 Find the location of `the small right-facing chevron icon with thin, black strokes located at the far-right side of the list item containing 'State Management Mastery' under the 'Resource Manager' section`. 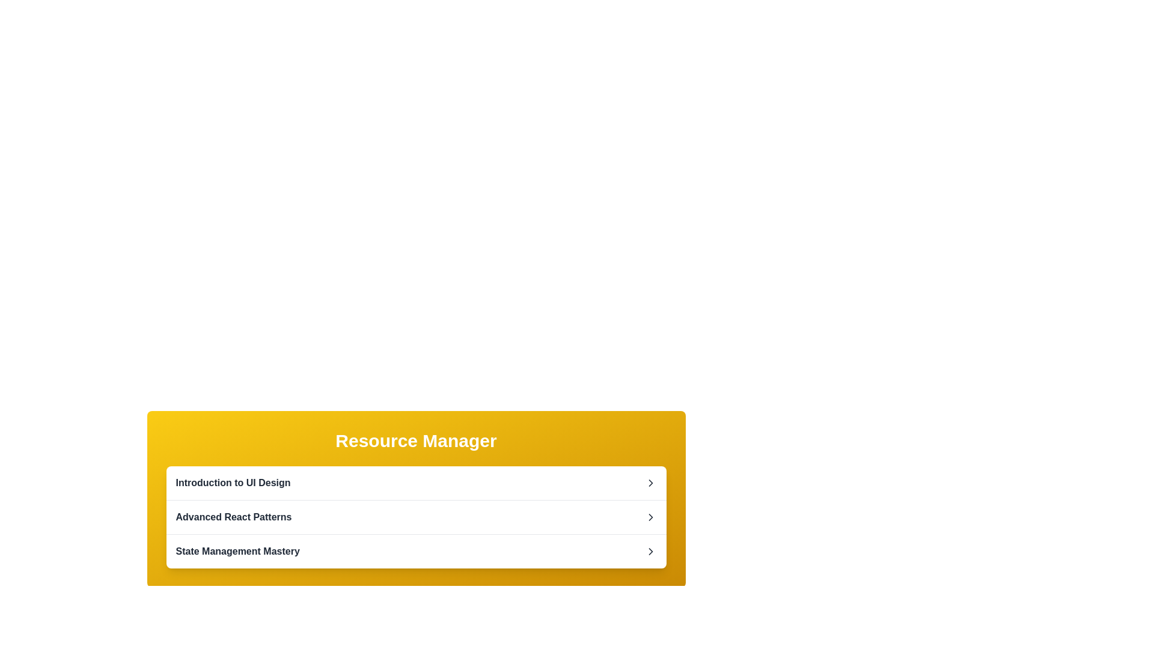

the small right-facing chevron icon with thin, black strokes located at the far-right side of the list item containing 'State Management Mastery' under the 'Resource Manager' section is located at coordinates (650, 552).